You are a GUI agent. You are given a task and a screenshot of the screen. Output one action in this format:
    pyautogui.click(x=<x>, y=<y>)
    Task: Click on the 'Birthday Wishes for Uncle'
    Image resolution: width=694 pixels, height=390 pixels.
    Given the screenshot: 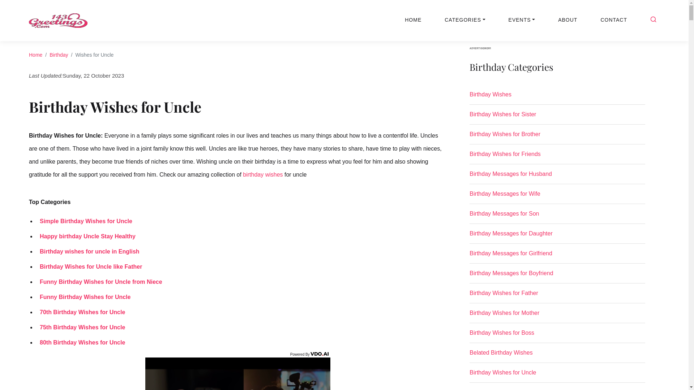 What is the action you would take?
    pyautogui.click(x=557, y=375)
    